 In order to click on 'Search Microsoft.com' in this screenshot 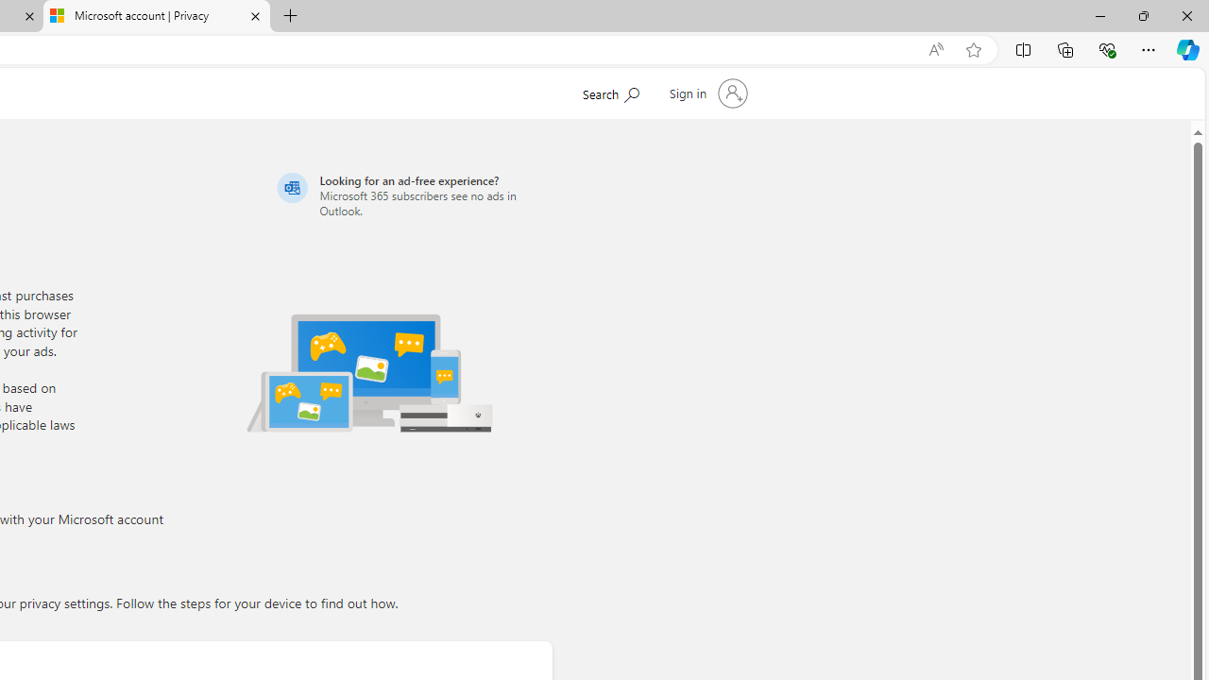, I will do `click(610, 92)`.